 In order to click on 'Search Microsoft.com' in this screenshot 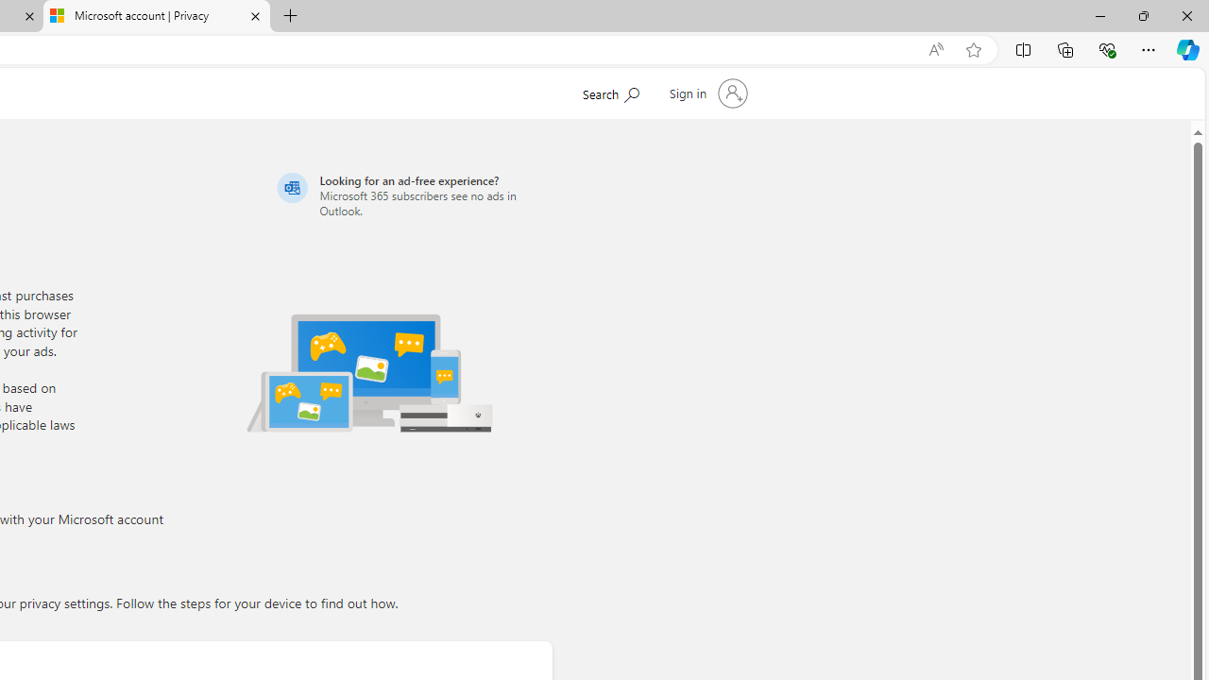, I will do `click(610, 92)`.